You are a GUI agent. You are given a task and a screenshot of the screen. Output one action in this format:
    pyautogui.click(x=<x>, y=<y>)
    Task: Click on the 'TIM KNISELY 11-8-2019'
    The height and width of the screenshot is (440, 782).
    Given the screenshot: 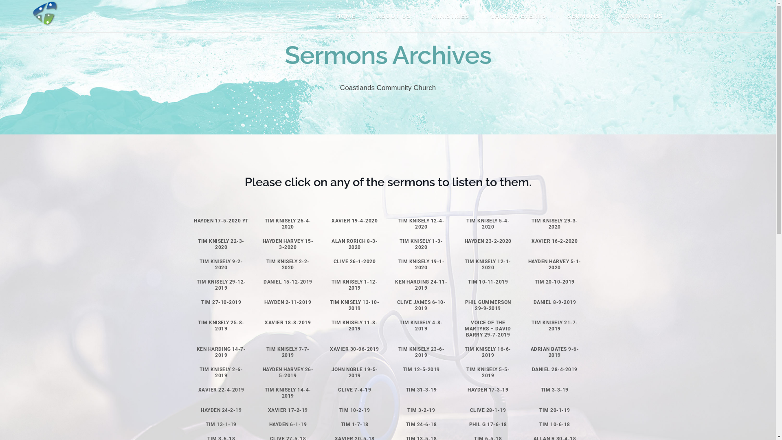 What is the action you would take?
    pyautogui.click(x=354, y=325)
    